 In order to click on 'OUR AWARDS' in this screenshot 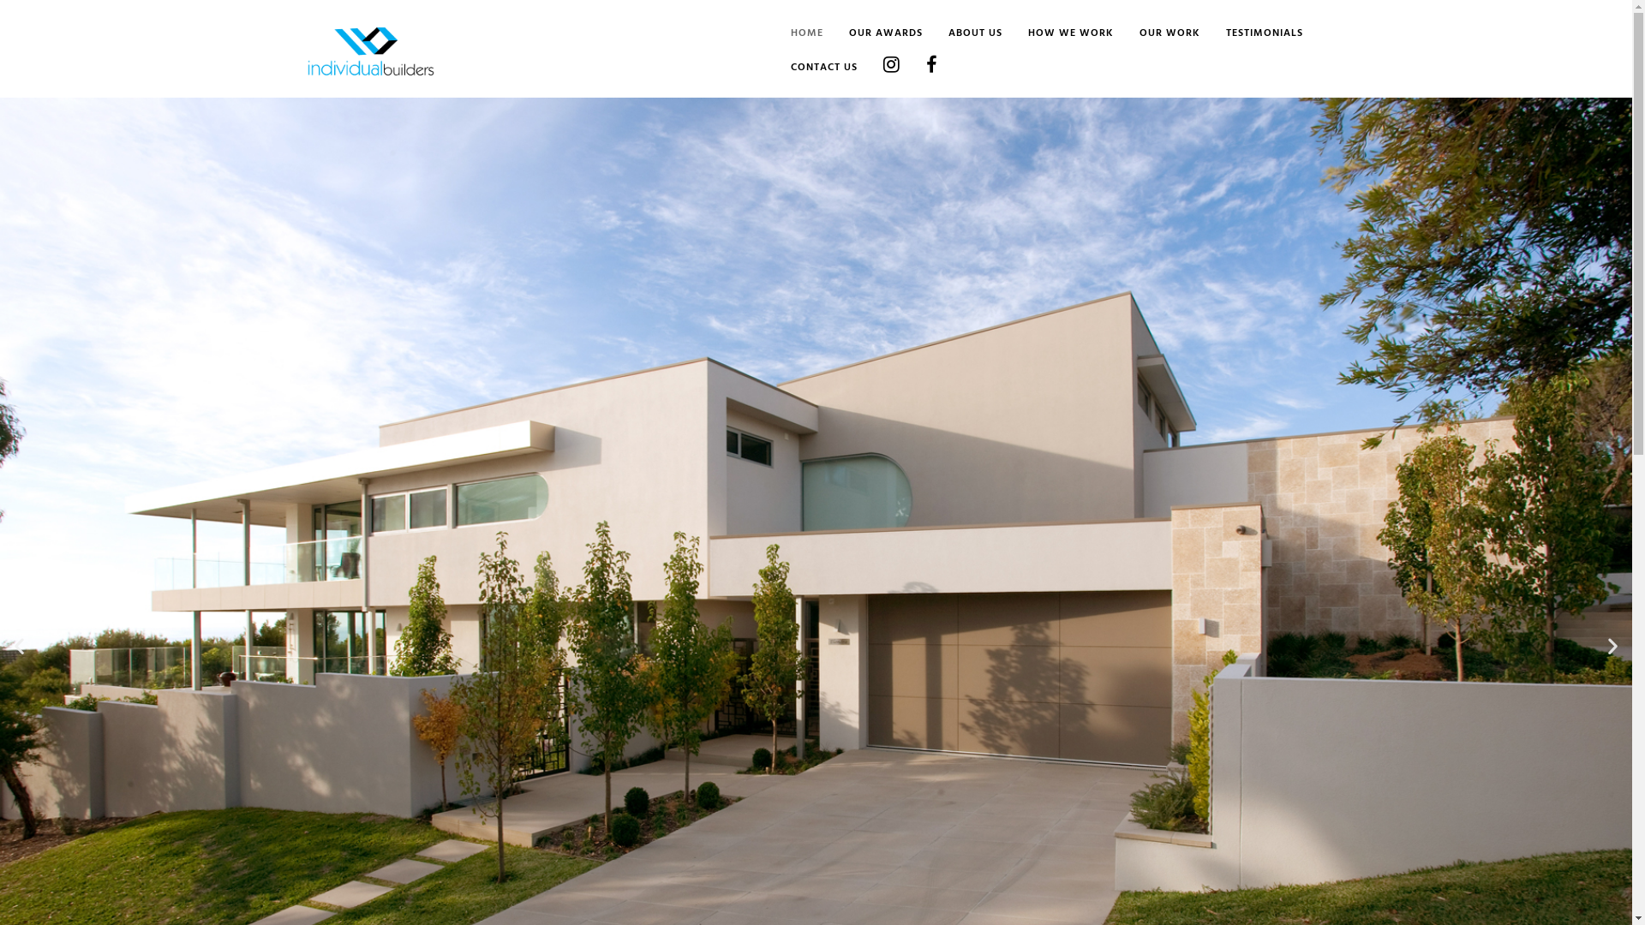, I will do `click(871, 33)`.